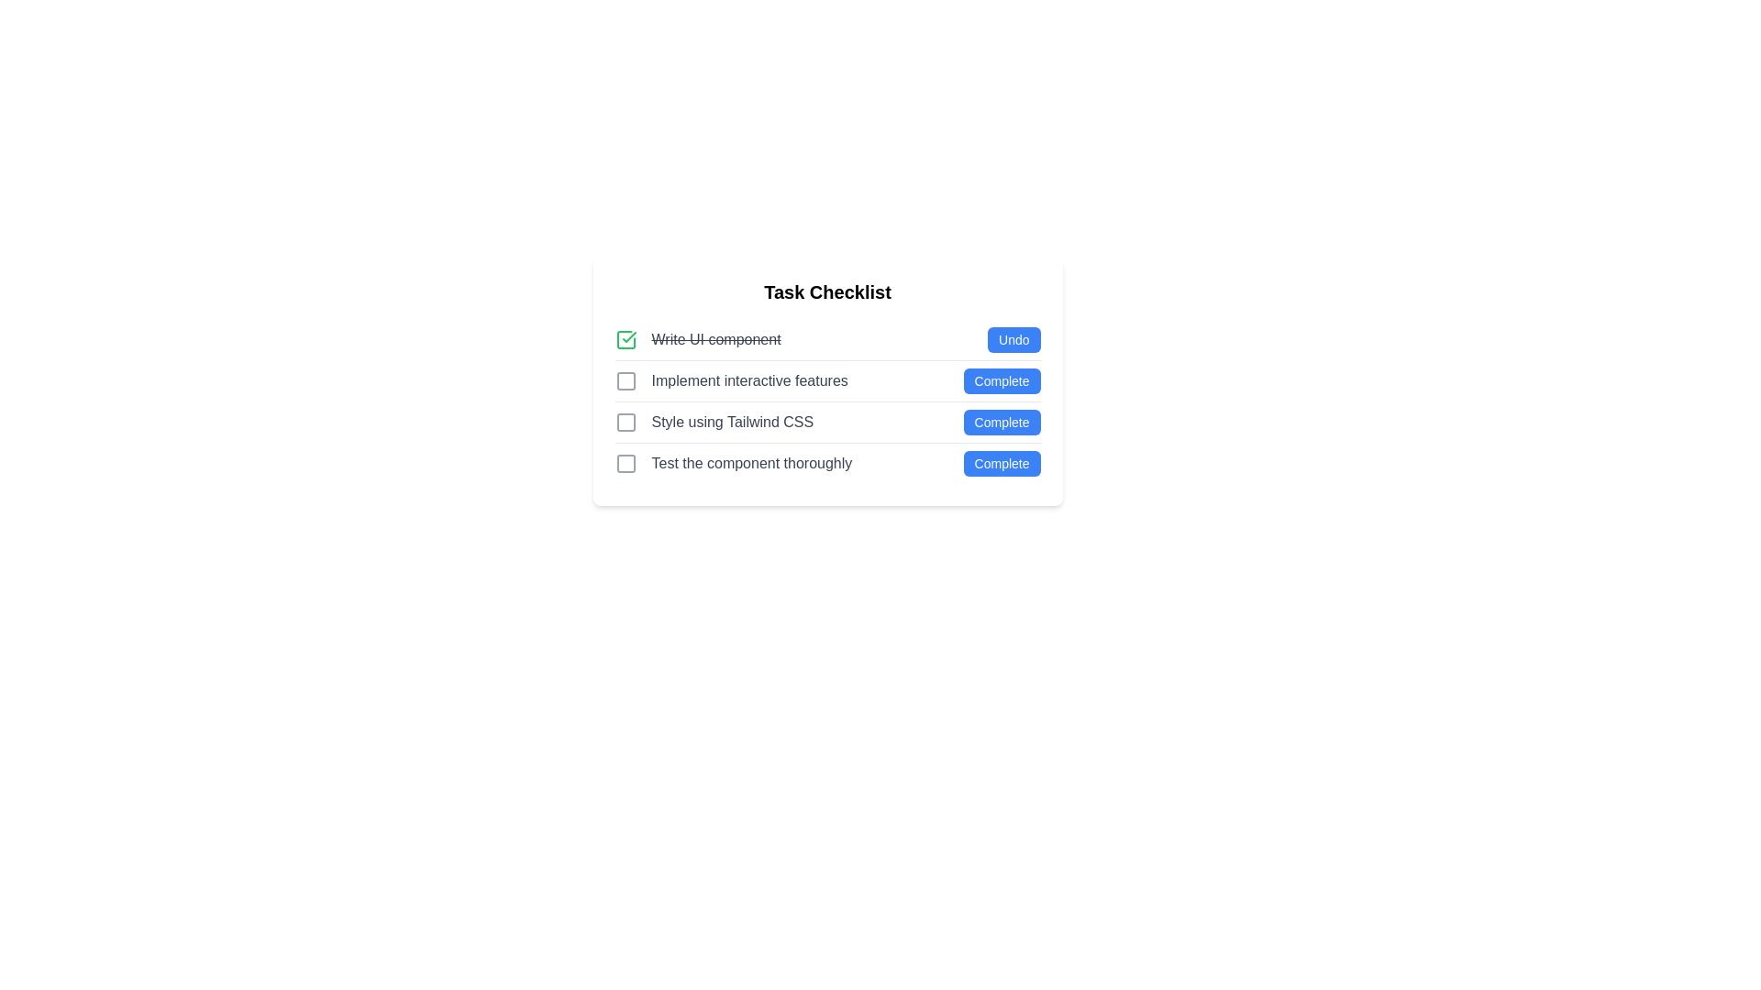  What do you see at coordinates (826, 423) in the screenshot?
I see `the 'Complete' button of the task checklist item labeled 'Style using Tailwind CSS' to mark the task as complete` at bounding box center [826, 423].